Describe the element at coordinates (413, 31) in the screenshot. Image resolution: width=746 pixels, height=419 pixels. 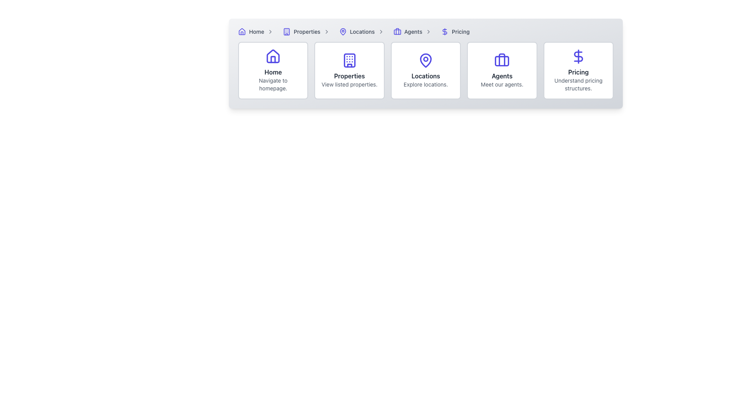
I see `the 'Agents' hyperlink in the navigation bar to observe the hover effect, which changes the text color to a darker gray shade` at that location.